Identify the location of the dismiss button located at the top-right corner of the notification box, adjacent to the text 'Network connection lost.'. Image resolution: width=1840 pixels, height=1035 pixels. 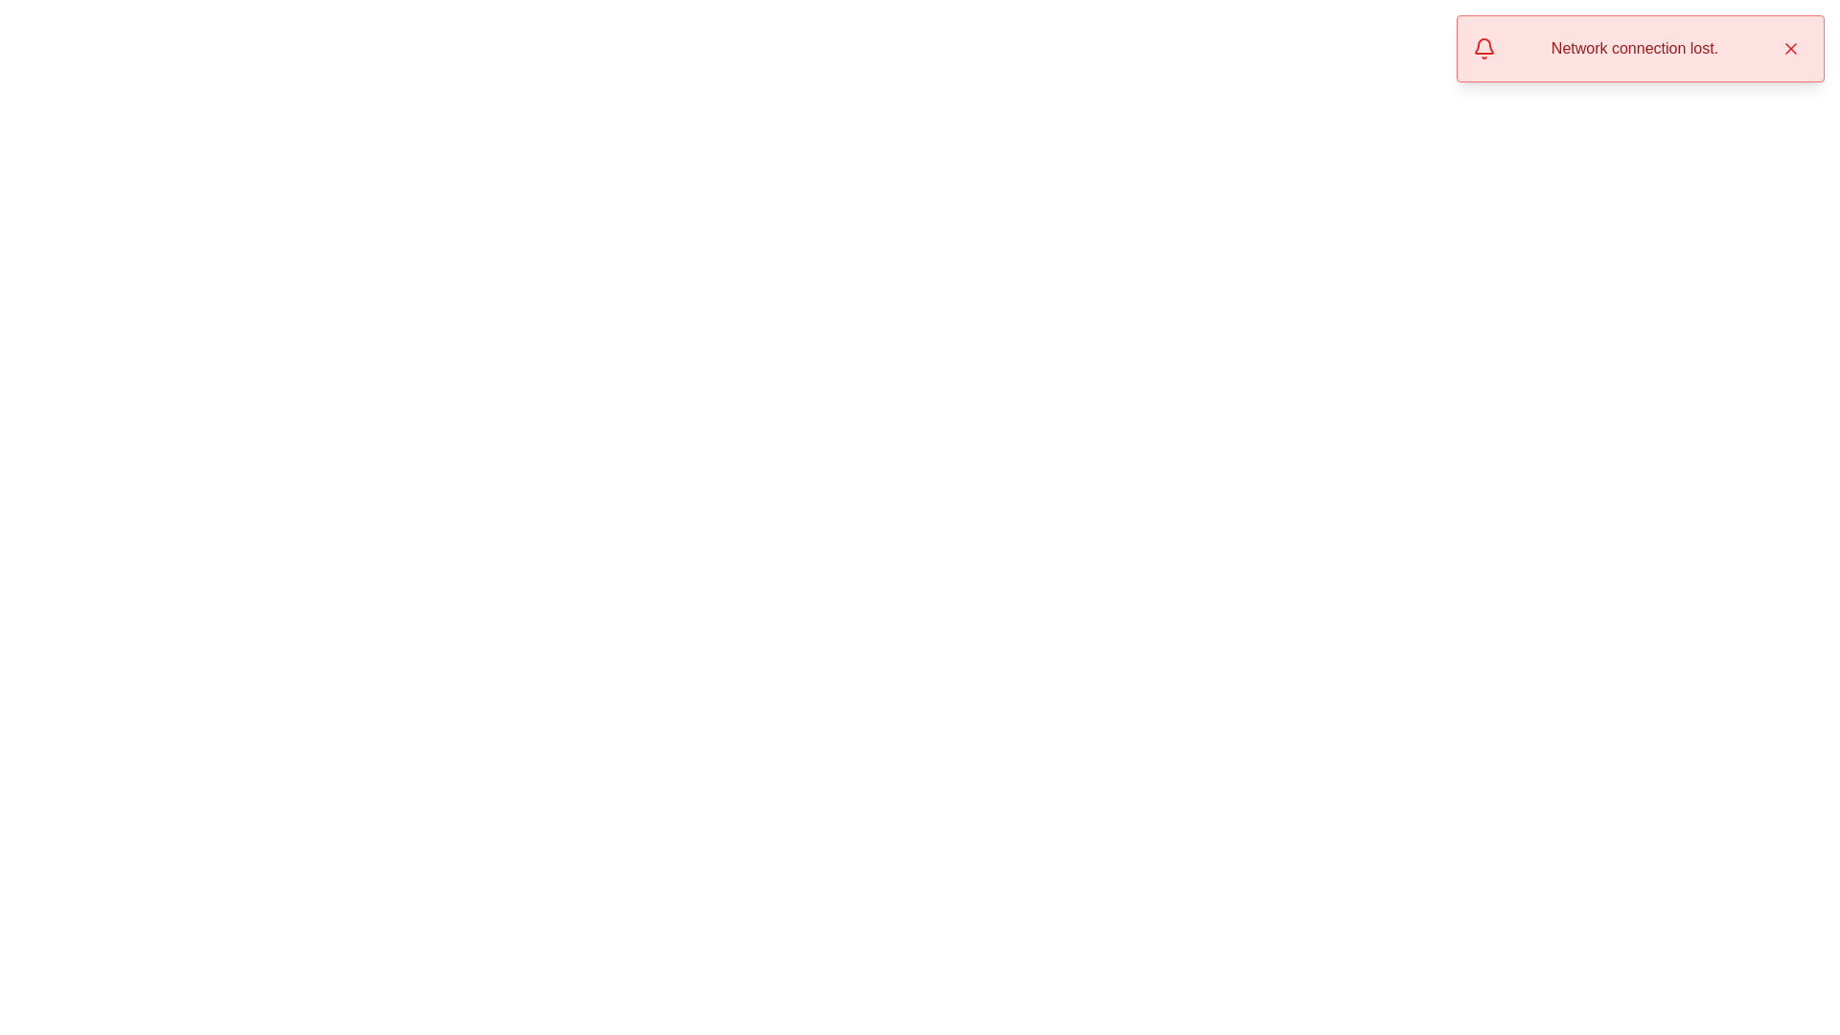
(1789, 47).